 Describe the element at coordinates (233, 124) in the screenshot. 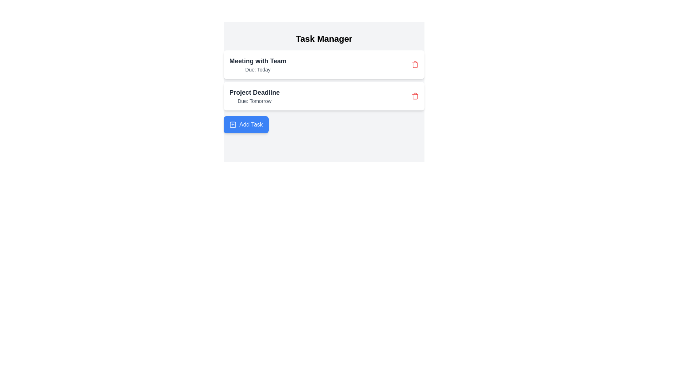

I see `the square-shaped icon with a plus sign, located on the left side of the blue 'Add Task' button` at that location.